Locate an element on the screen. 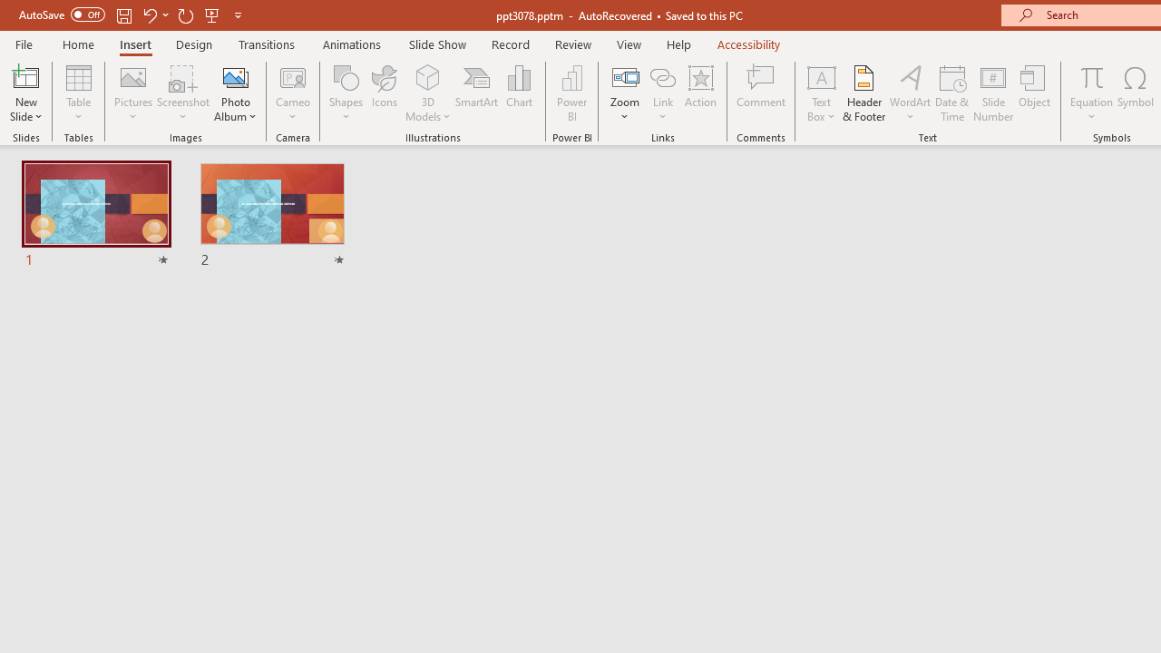  'Shapes' is located at coordinates (346, 93).